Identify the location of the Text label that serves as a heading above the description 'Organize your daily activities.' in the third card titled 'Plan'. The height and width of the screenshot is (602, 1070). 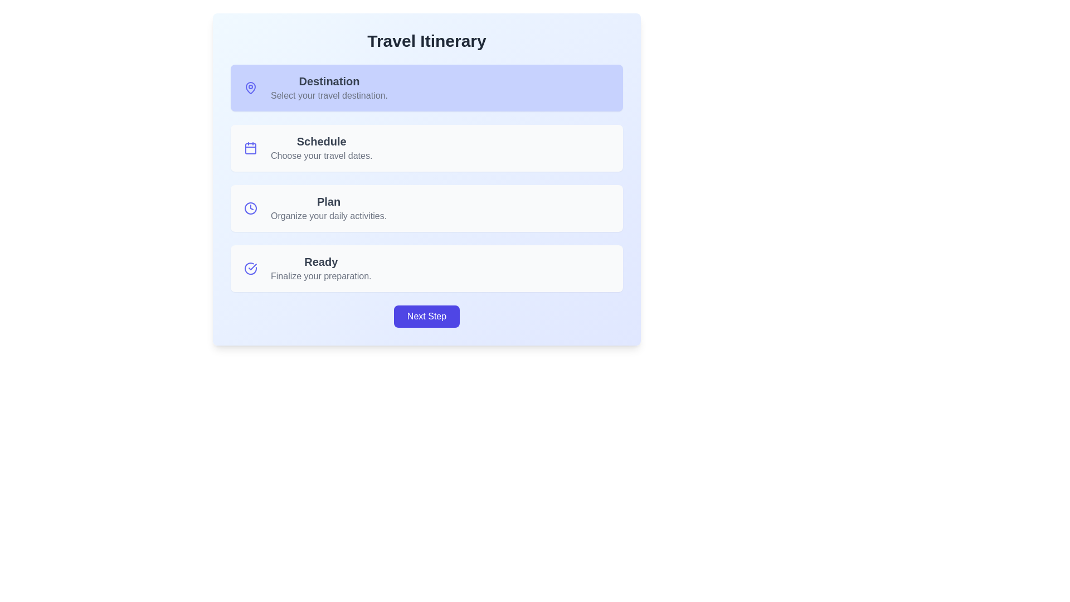
(328, 202).